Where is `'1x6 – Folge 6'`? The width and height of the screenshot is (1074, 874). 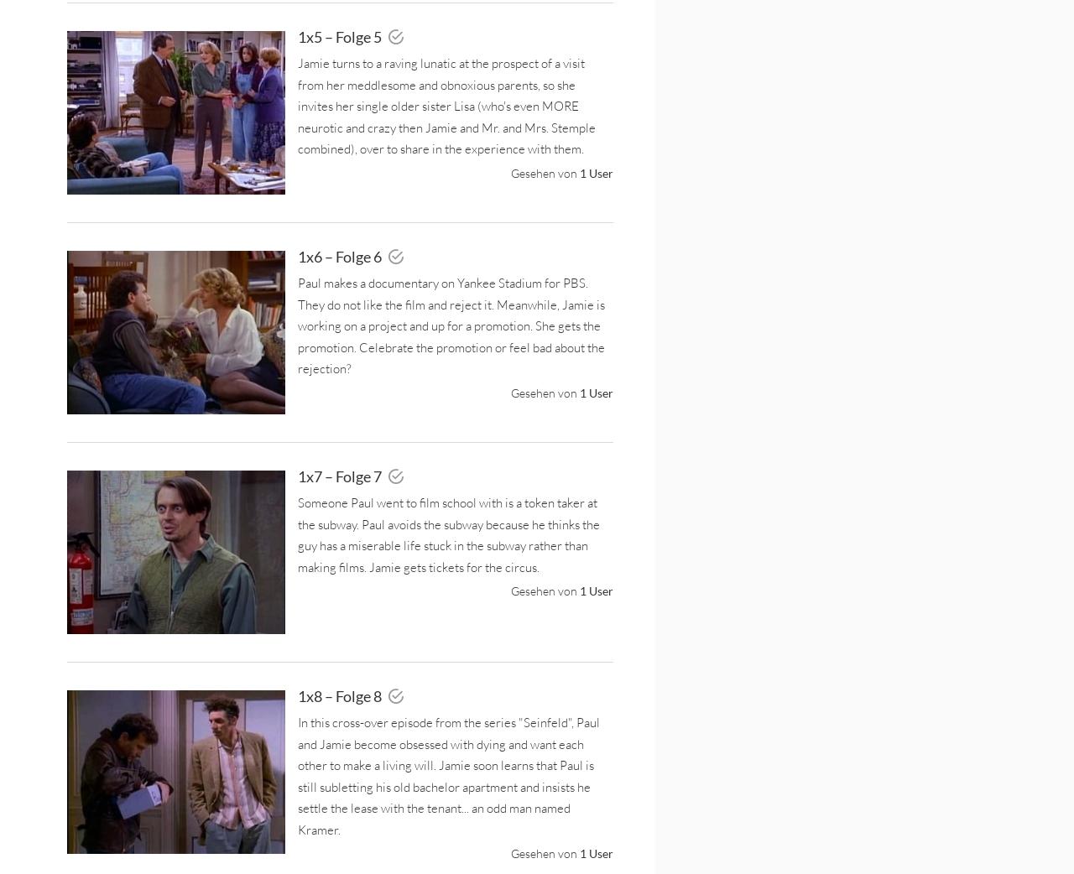 '1x6 – Folge 6' is located at coordinates (340, 257).